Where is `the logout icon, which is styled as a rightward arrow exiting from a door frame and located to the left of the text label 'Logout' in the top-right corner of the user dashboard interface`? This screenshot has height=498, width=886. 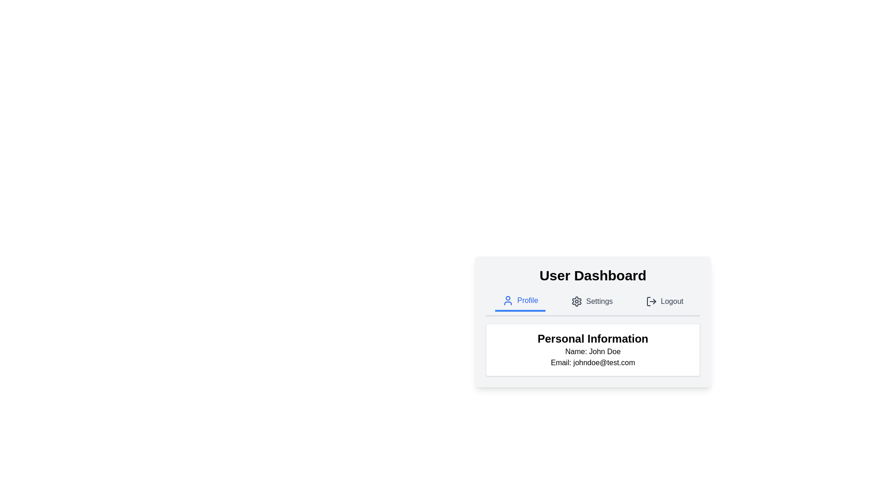 the logout icon, which is styled as a rightward arrow exiting from a door frame and located to the left of the text label 'Logout' in the top-right corner of the user dashboard interface is located at coordinates (651, 302).